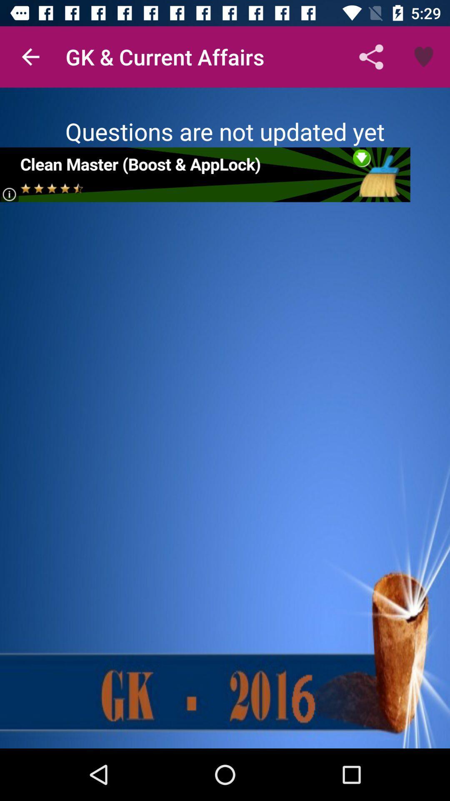  Describe the element at coordinates (205, 174) in the screenshot. I see `advertisement banner` at that location.